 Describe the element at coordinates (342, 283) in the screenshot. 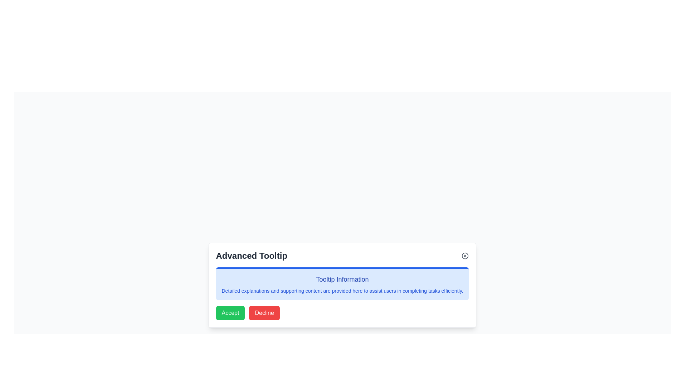

I see `the informational tooltip located below the title 'Advanced Tooltip' to read its content` at that location.